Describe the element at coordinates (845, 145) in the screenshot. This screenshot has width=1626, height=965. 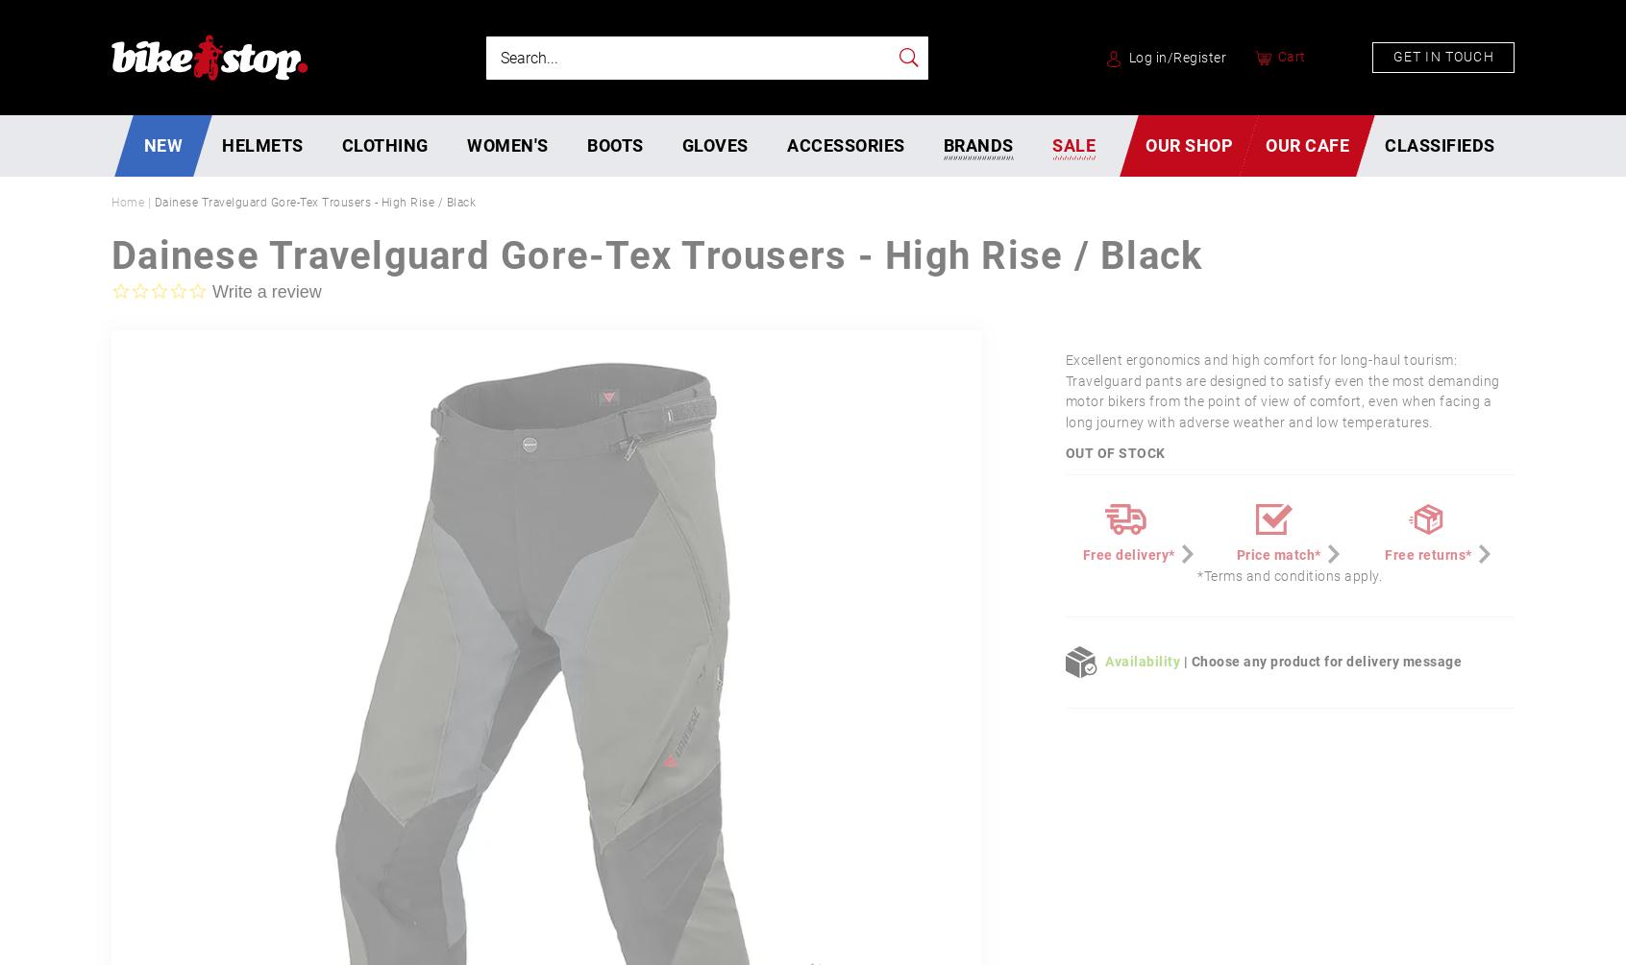
I see `'Accessories'` at that location.